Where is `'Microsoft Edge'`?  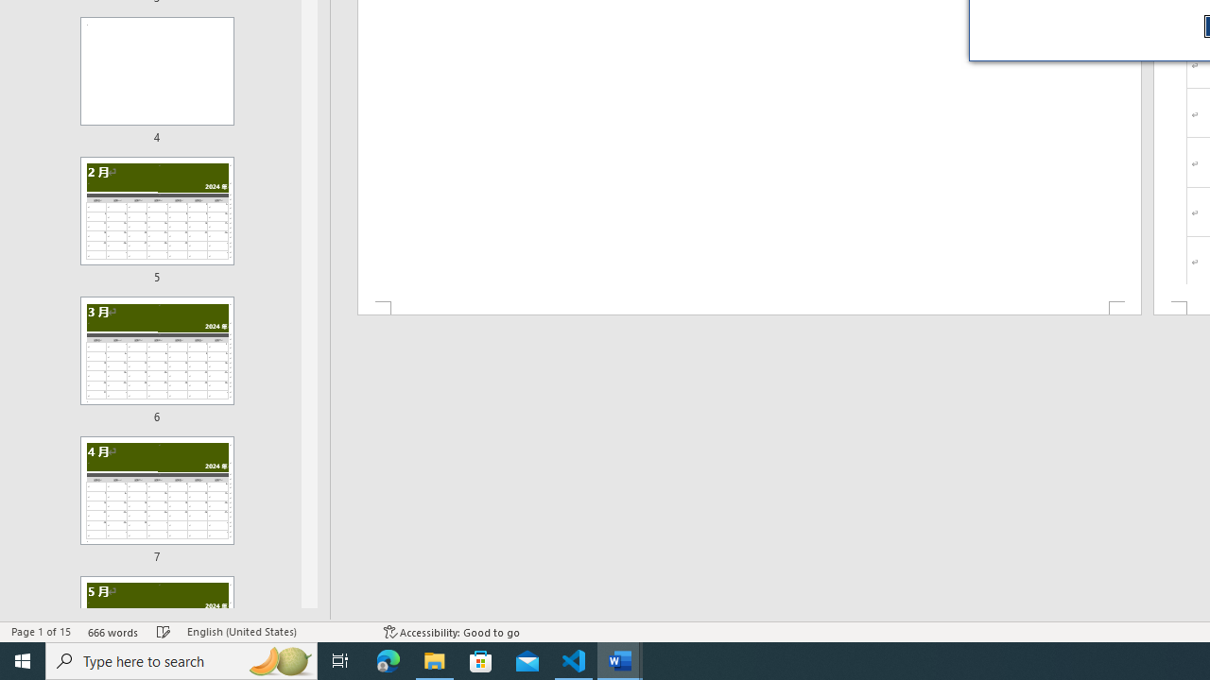
'Microsoft Edge' is located at coordinates (388, 659).